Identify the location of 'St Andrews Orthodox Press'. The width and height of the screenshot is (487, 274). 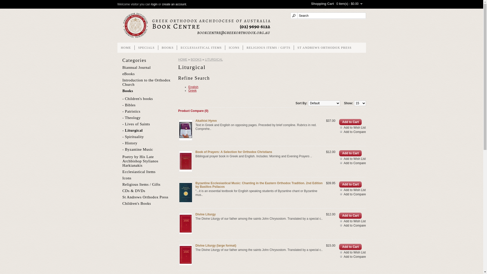
(145, 197).